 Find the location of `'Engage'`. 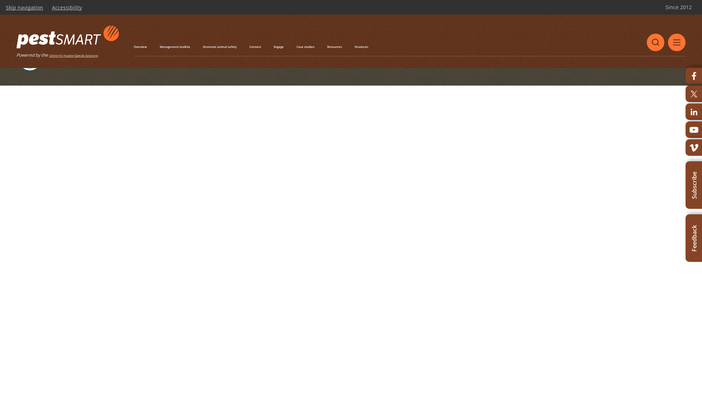

'Engage' is located at coordinates (278, 46).